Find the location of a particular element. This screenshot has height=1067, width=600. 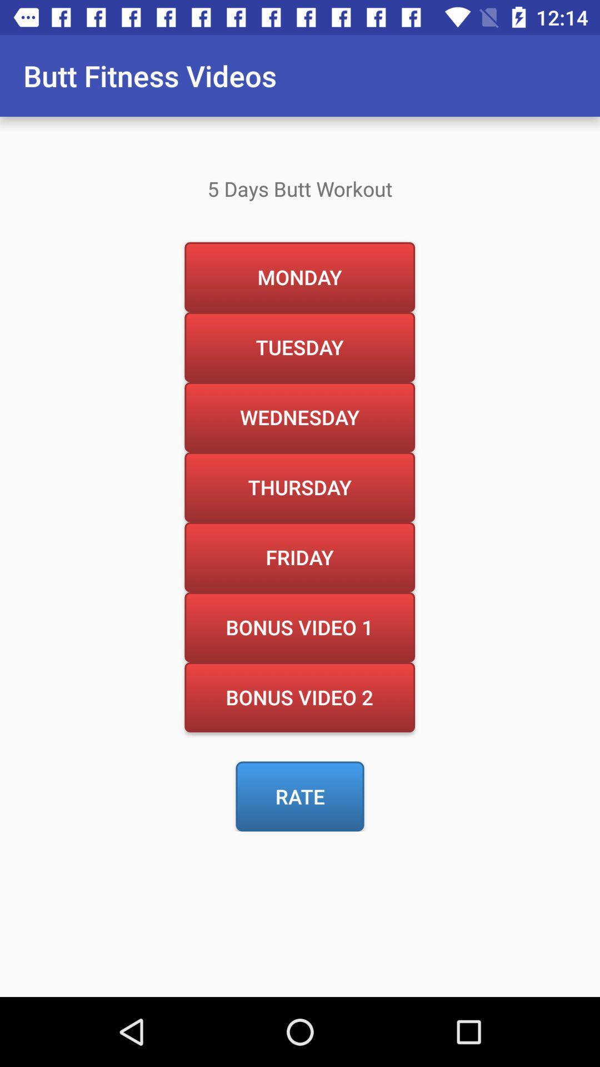

icon above bonus video 1 is located at coordinates (299, 557).